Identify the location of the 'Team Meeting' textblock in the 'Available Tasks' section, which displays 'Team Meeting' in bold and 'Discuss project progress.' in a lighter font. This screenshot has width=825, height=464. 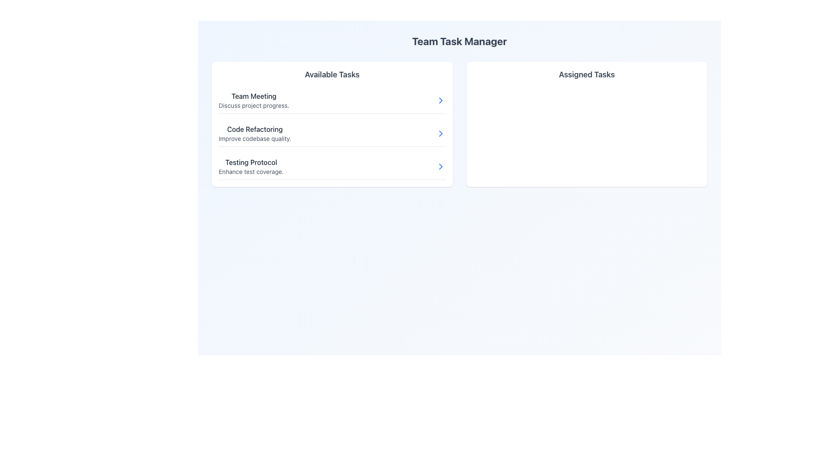
(254, 100).